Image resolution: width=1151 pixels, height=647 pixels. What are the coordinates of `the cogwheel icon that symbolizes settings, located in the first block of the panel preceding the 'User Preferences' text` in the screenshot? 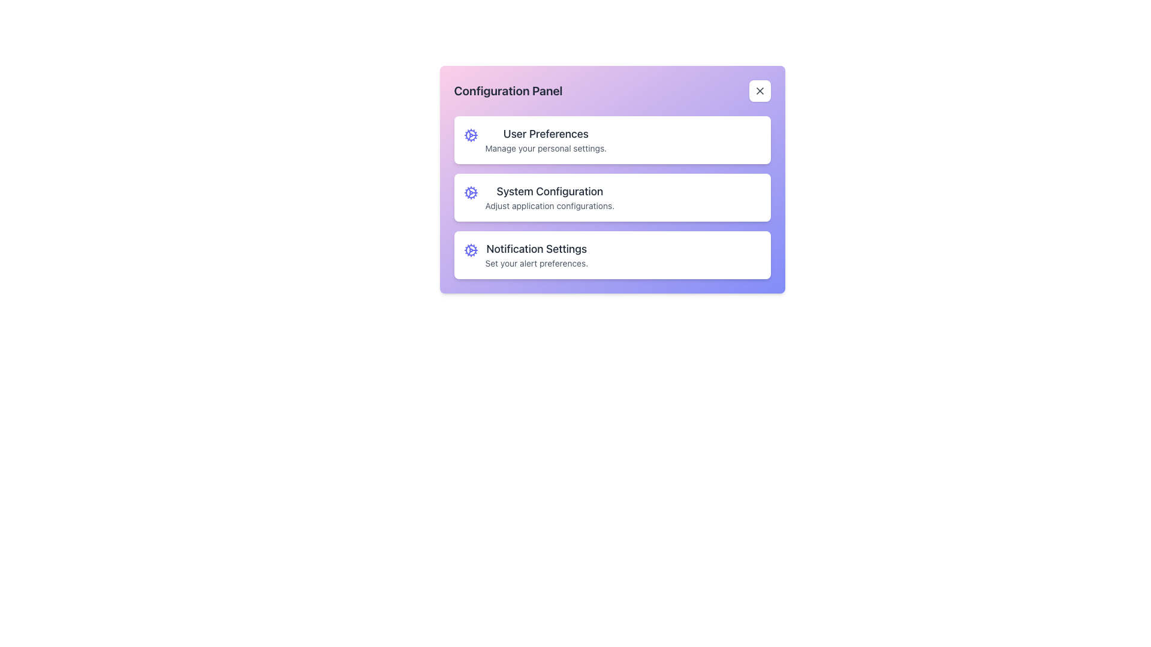 It's located at (470, 135).